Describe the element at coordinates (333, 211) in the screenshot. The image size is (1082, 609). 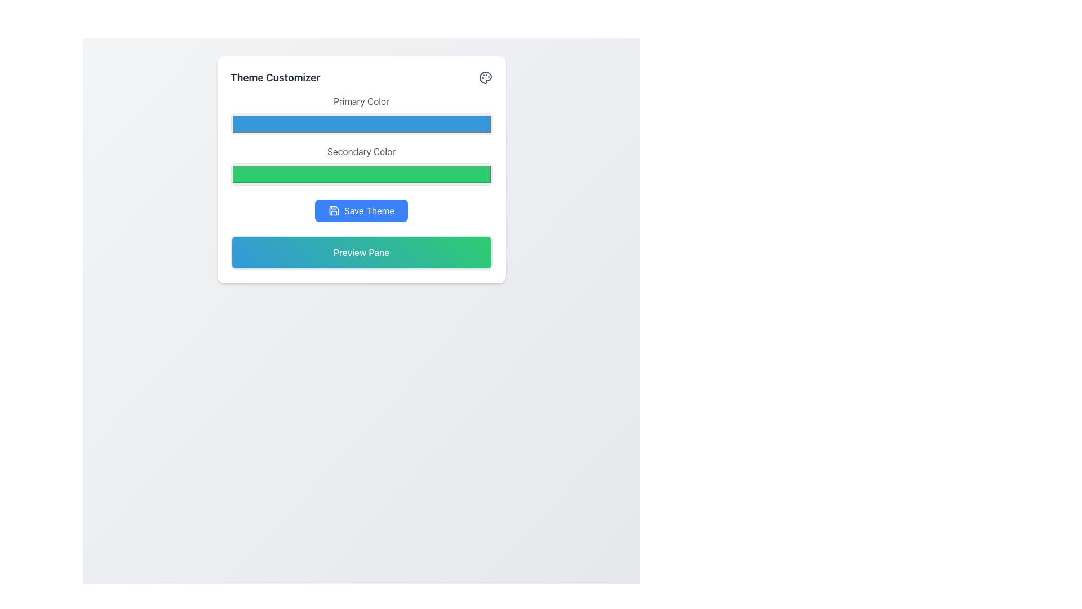
I see `the floppy disk icon located to the left of the 'Save Theme' text within the button styled with a blue background and curved corners` at that location.